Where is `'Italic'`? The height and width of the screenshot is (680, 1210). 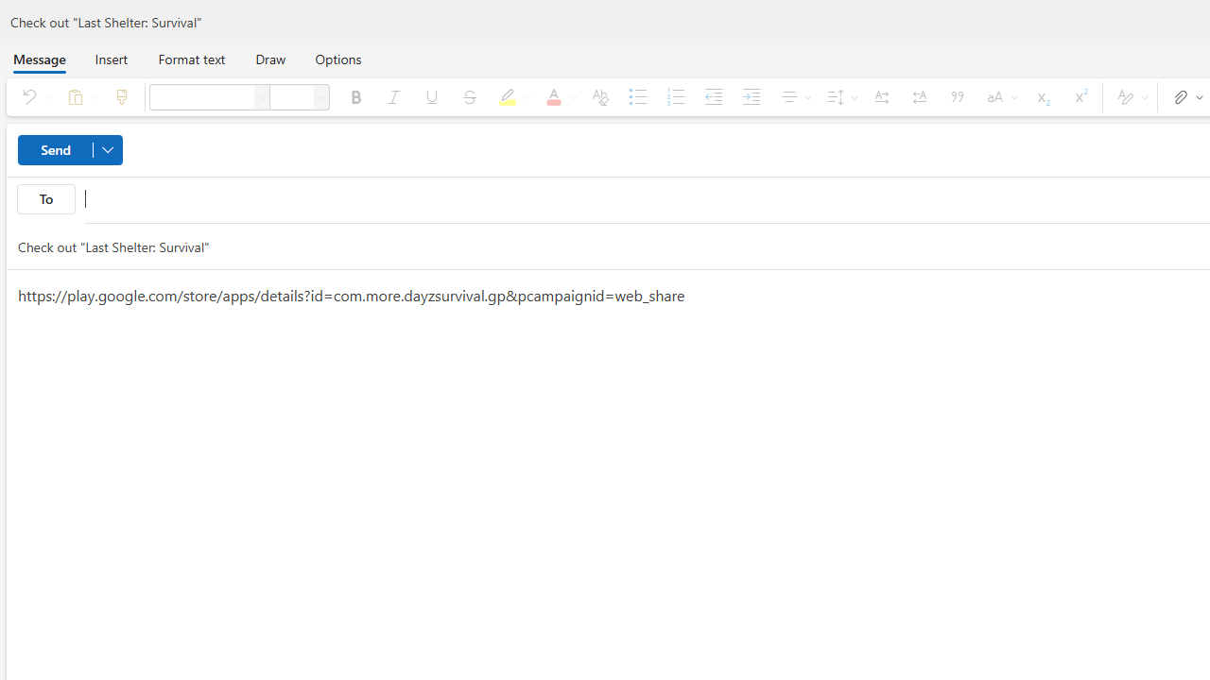
'Italic' is located at coordinates (392, 96).